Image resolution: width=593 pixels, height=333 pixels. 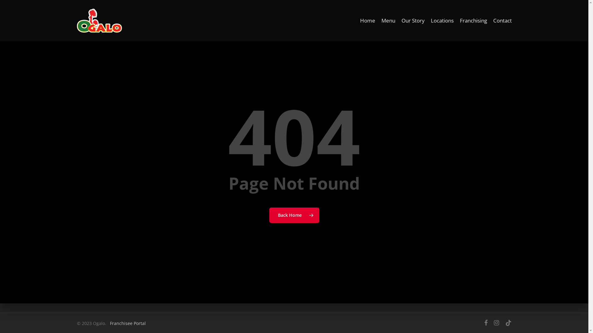 What do you see at coordinates (502, 20) in the screenshot?
I see `'Contact'` at bounding box center [502, 20].